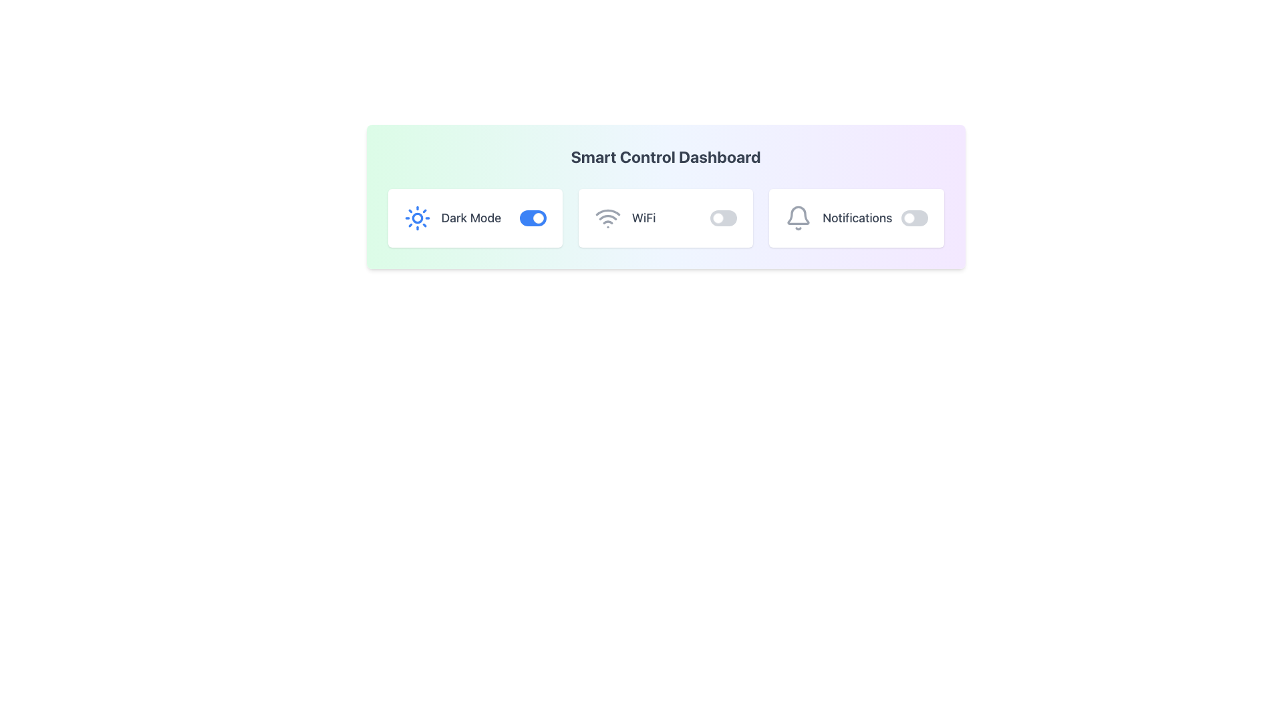 The image size is (1283, 721). Describe the element at coordinates (416, 218) in the screenshot. I see `the decorative sun icon, which is a circular icon with radial lines styled in blue, located to the left of the 'Dark Mode' label in the dark mode control section` at that location.